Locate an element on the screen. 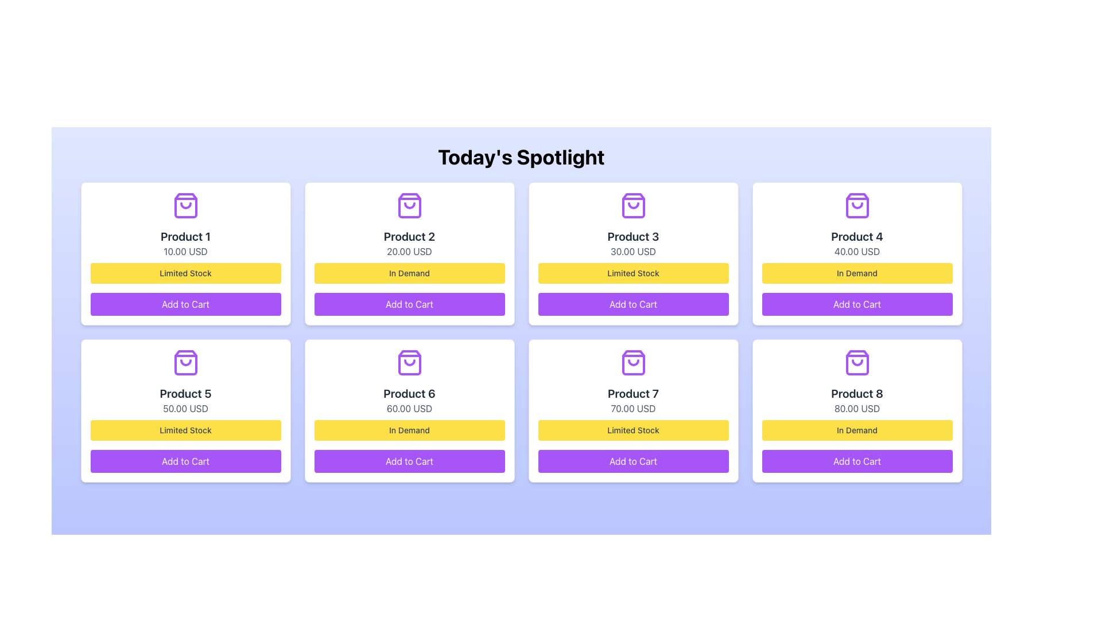  the purple shopping bag icon located at the top-center of the 'Product 8' card in the lower-right corner of the grid is located at coordinates (857, 362).